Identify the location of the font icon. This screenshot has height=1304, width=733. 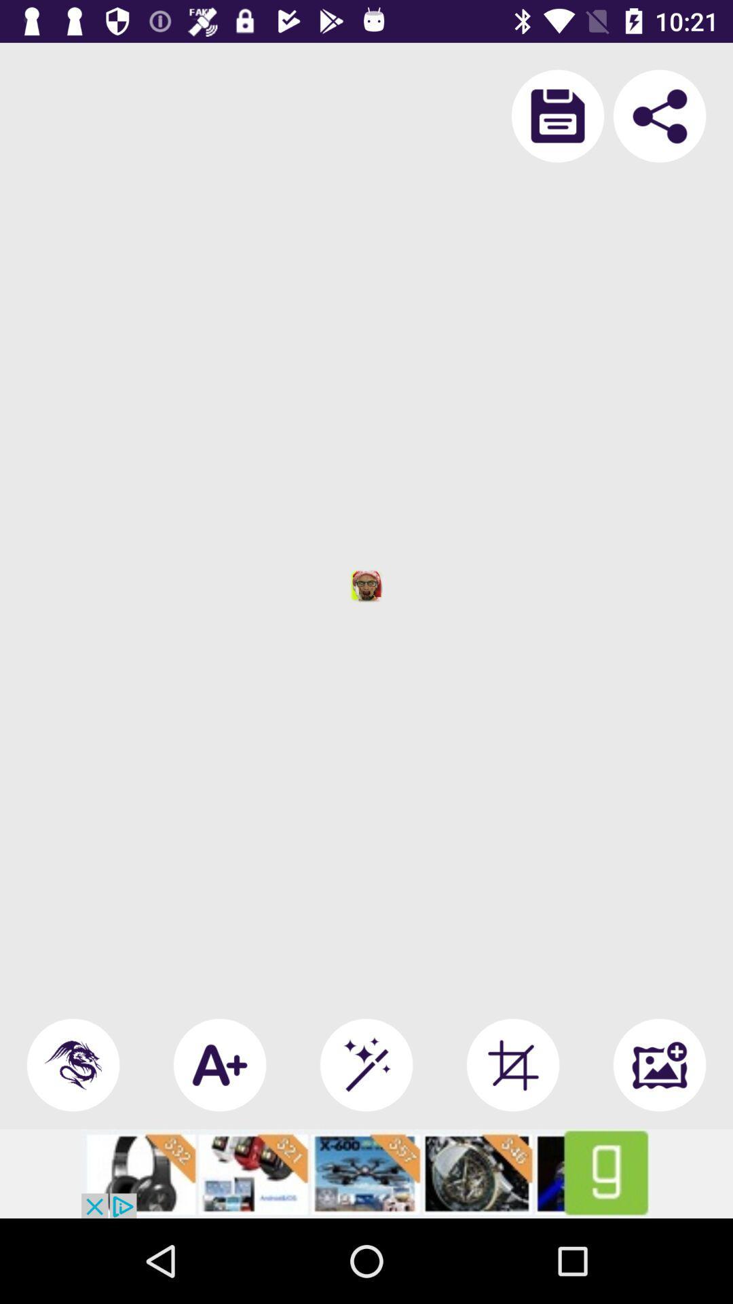
(219, 1064).